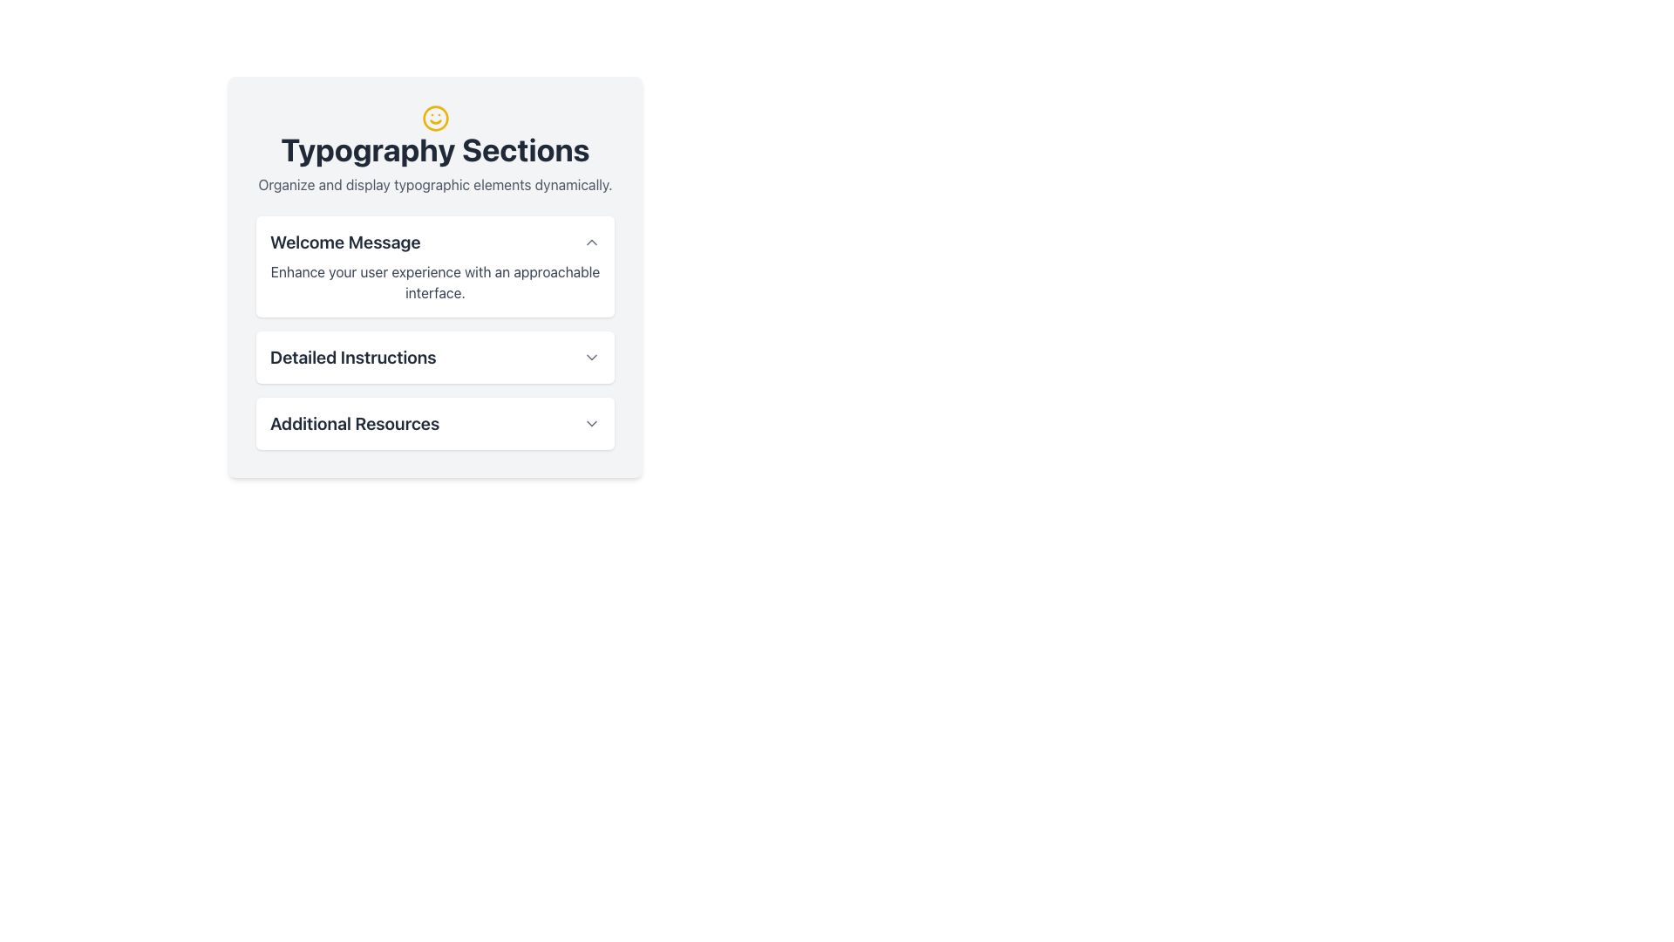 This screenshot has width=1674, height=942. Describe the element at coordinates (435, 282) in the screenshot. I see `the static text element that reads 'Enhance your user experience with an approachable interface.' located below the 'Welcome Message' heading` at that location.